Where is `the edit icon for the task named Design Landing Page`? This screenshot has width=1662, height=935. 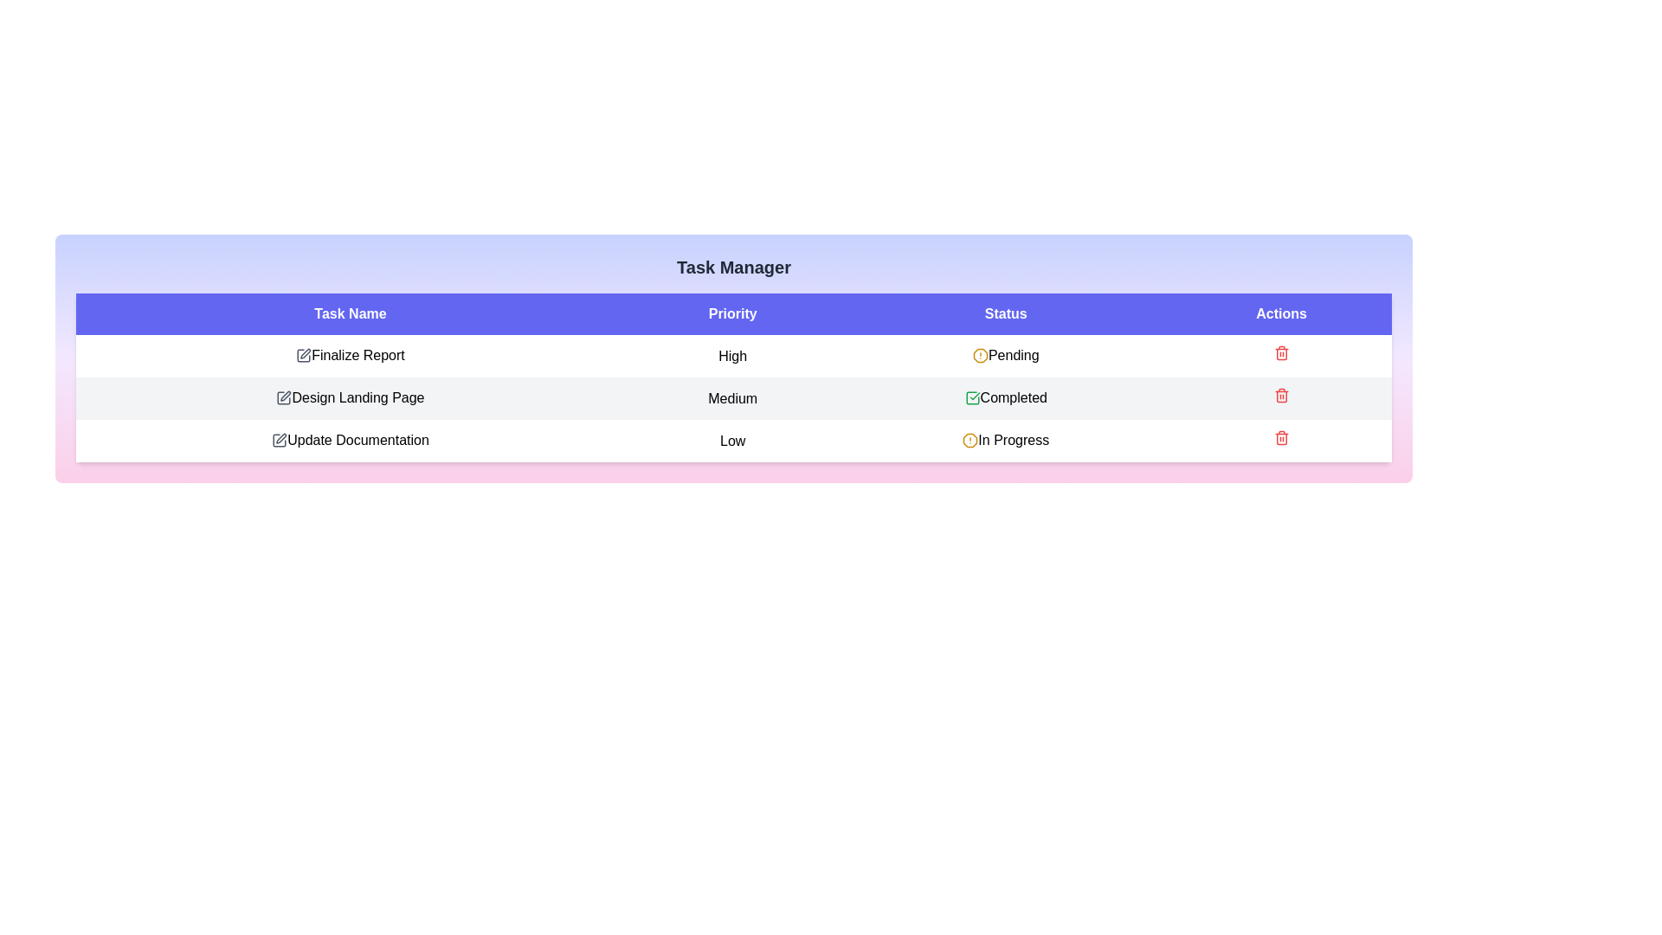
the edit icon for the task named Design Landing Page is located at coordinates (283, 397).